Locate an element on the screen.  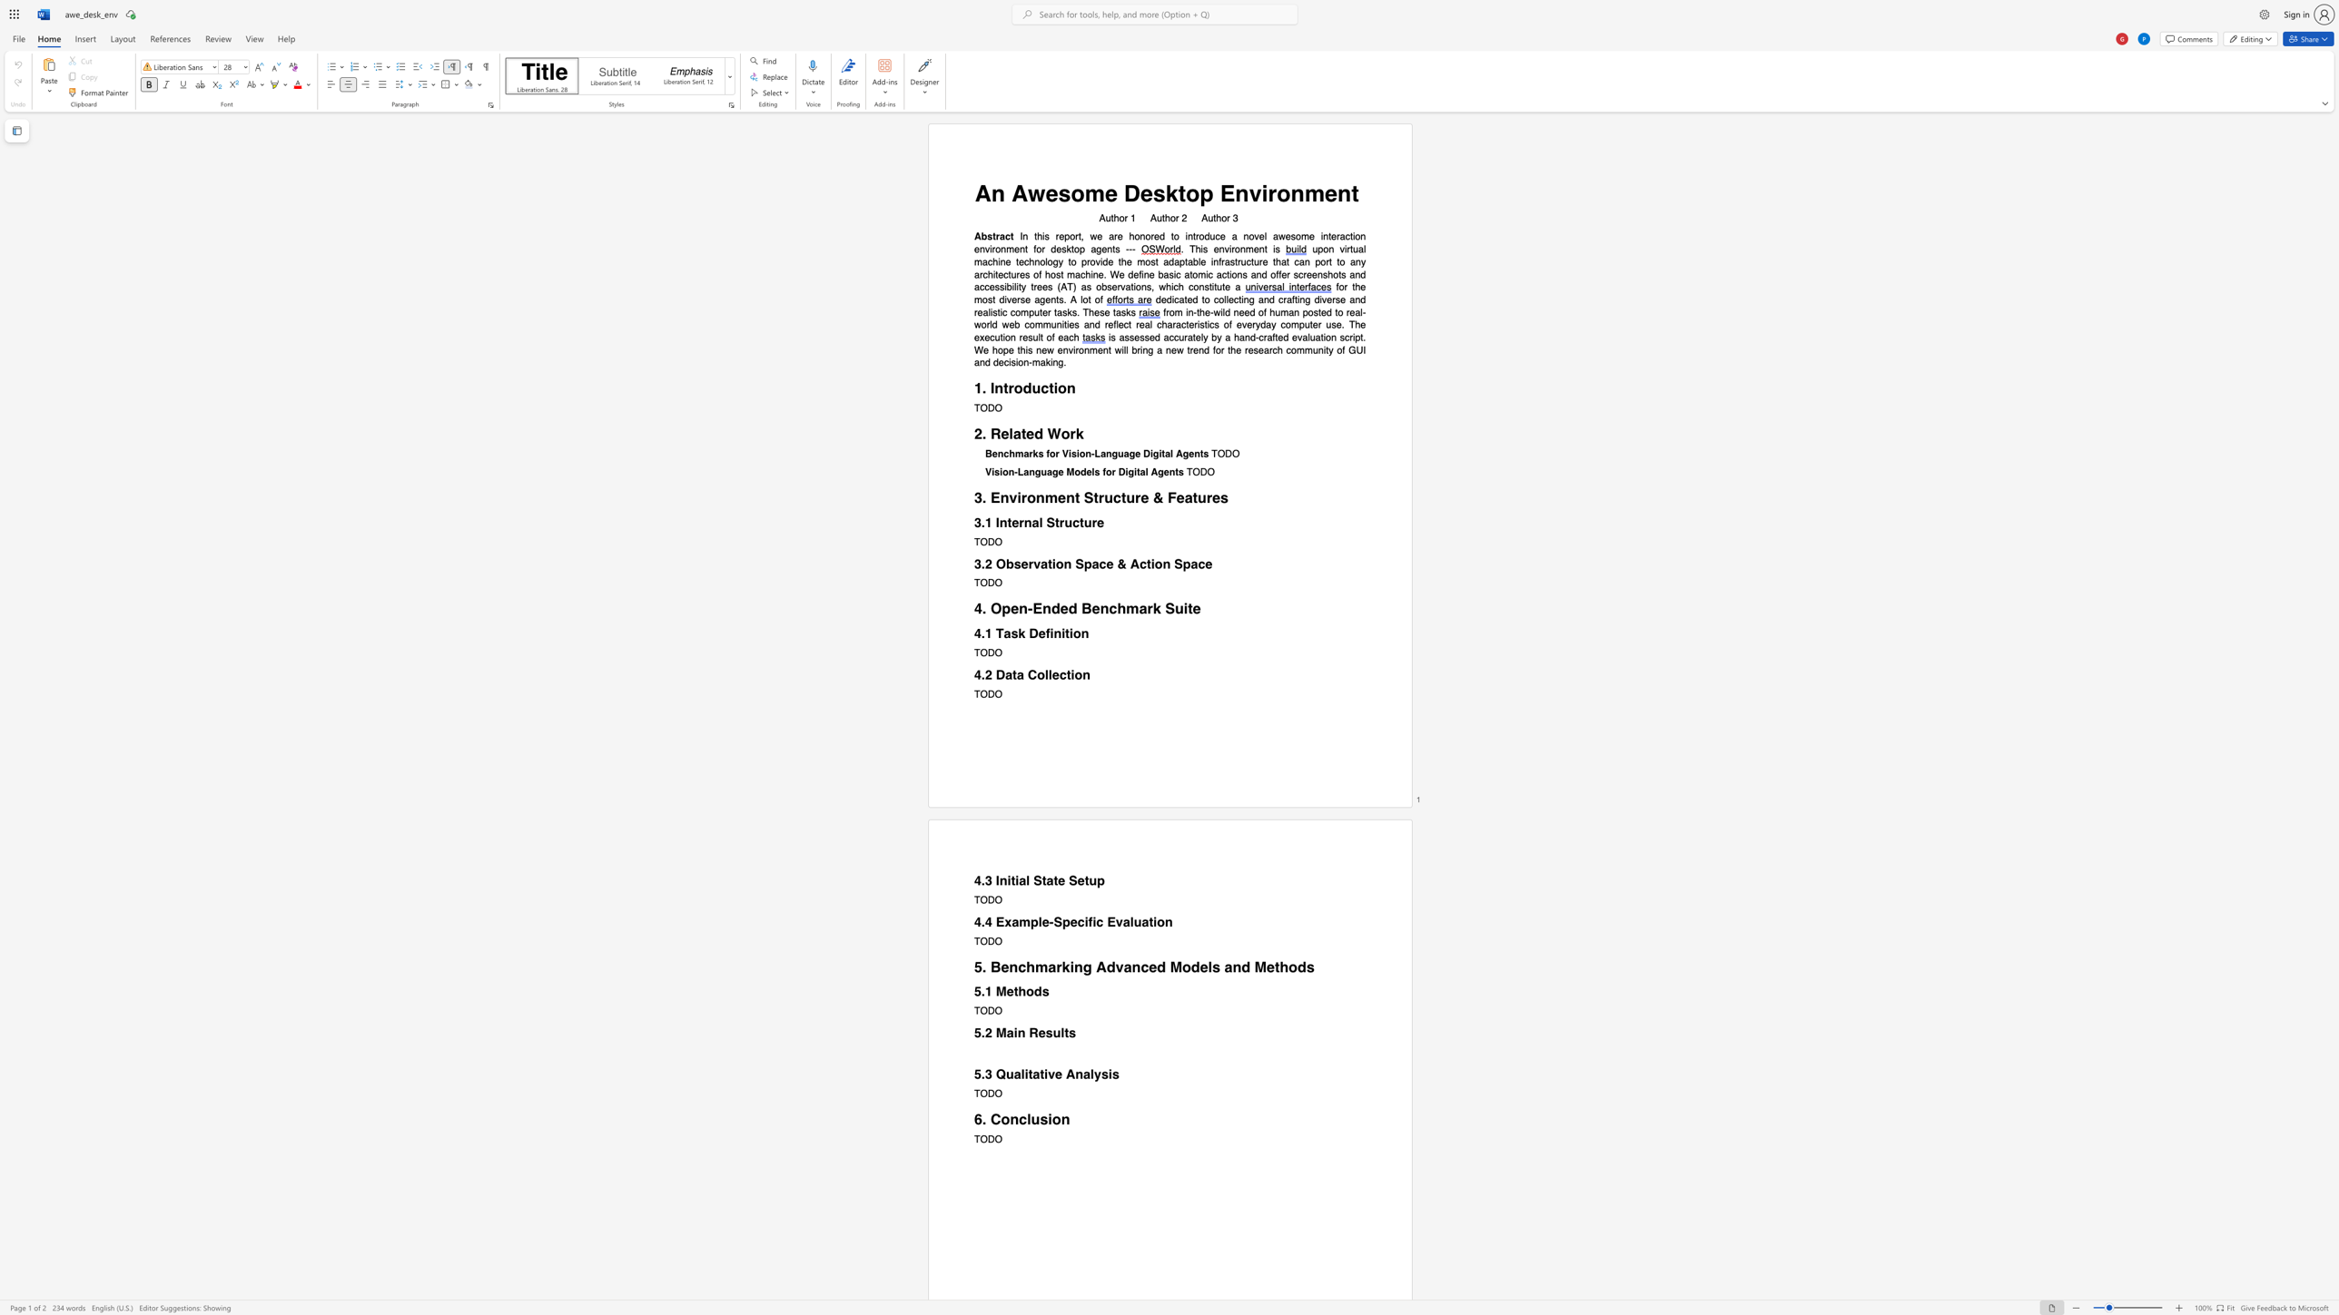
the subset text "onclus" within the text "6. Conclusion" is located at coordinates (1001, 1118).